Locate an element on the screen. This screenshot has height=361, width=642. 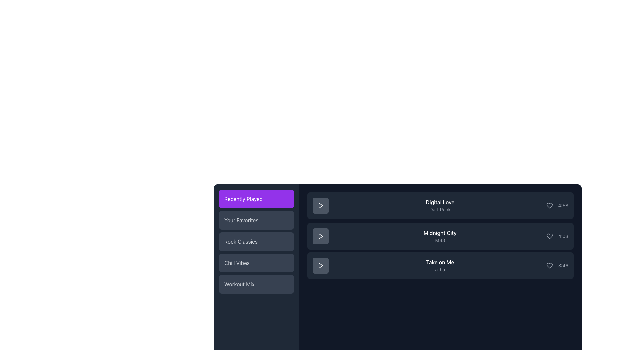
text displaying 'a-ha', which is styled in gray and positioned below the 'Take on Me' title is located at coordinates (440, 269).